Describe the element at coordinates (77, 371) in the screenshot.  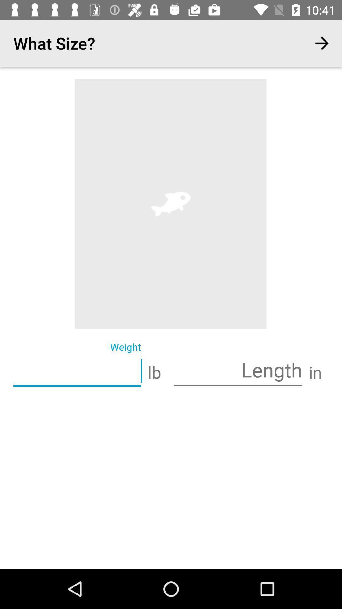
I see `weight in pounds` at that location.